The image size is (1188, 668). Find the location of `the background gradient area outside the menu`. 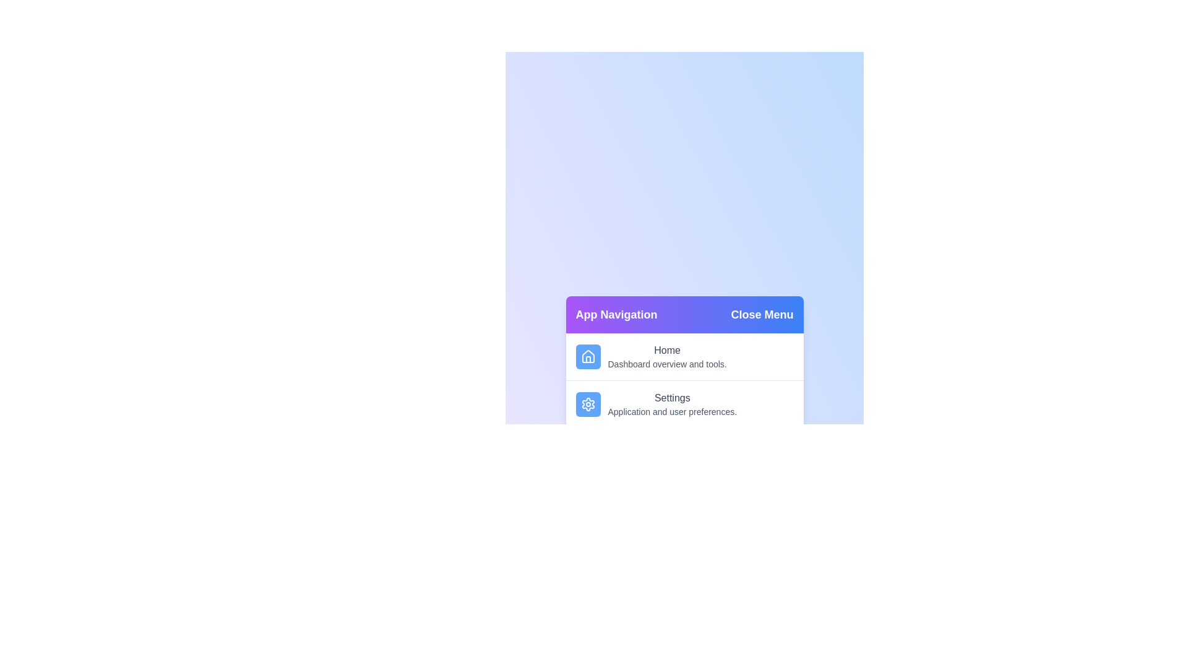

the background gradient area outside the menu is located at coordinates (525, 186).